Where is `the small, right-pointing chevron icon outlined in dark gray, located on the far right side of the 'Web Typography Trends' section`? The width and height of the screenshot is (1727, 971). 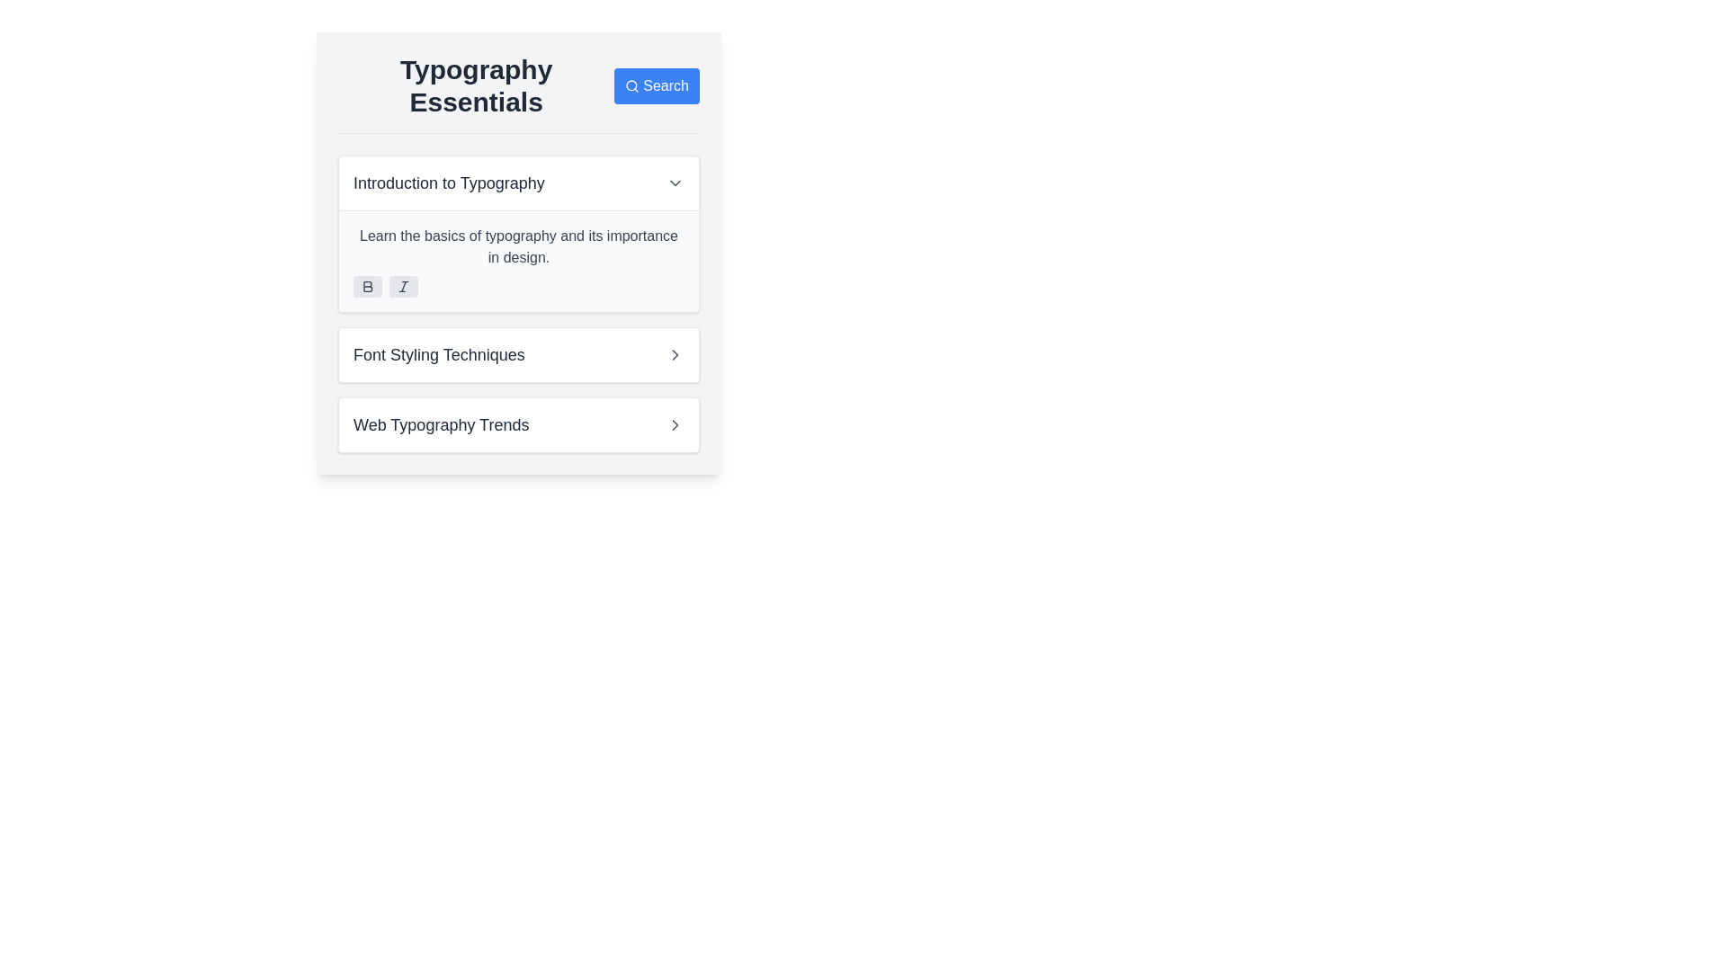
the small, right-pointing chevron icon outlined in dark gray, located on the far right side of the 'Web Typography Trends' section is located at coordinates (674, 425).